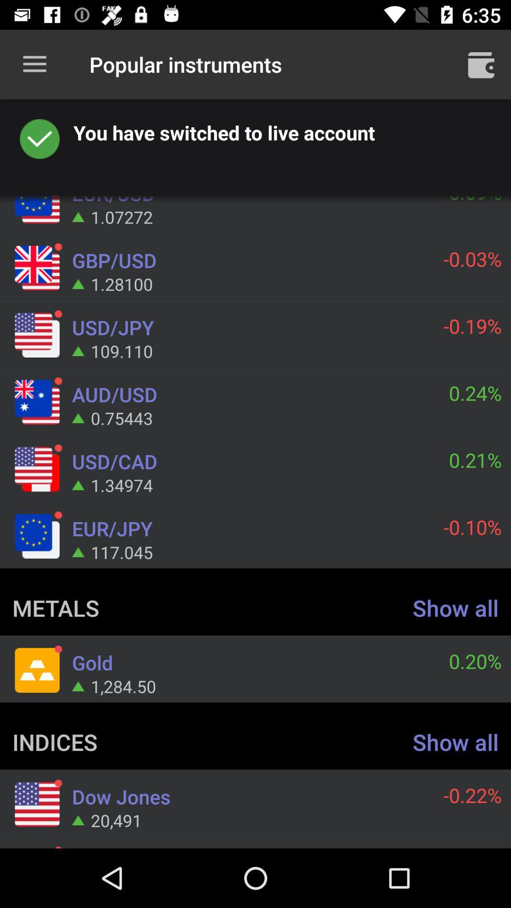 The width and height of the screenshot is (511, 908). What do you see at coordinates (34, 64) in the screenshot?
I see `item next to popular instruments icon` at bounding box center [34, 64].